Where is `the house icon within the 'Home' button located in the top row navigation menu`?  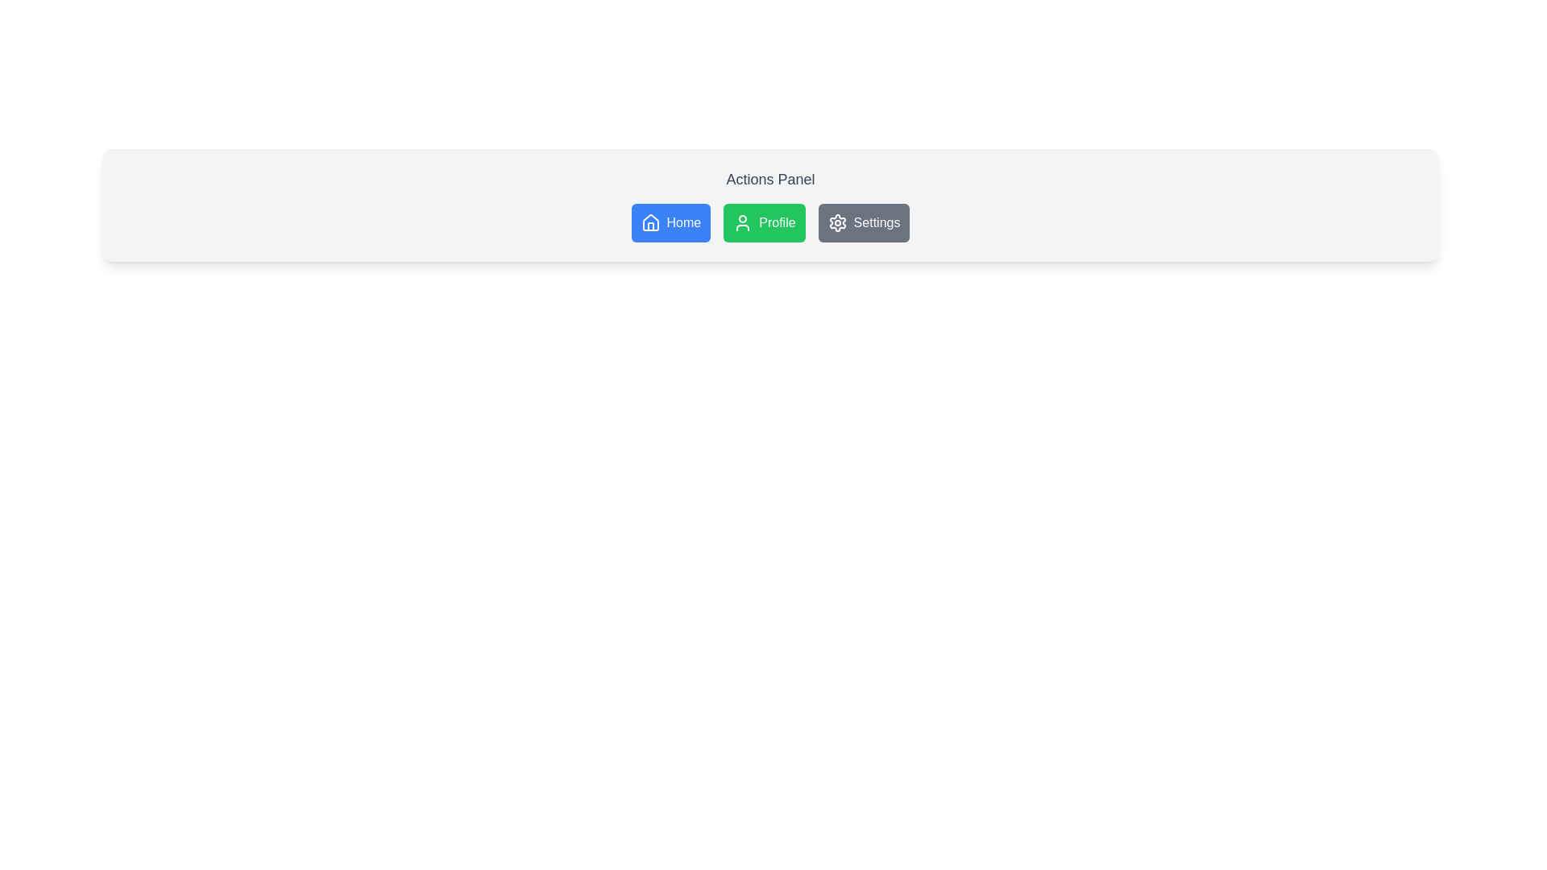
the house icon within the 'Home' button located in the top row navigation menu is located at coordinates (650, 222).